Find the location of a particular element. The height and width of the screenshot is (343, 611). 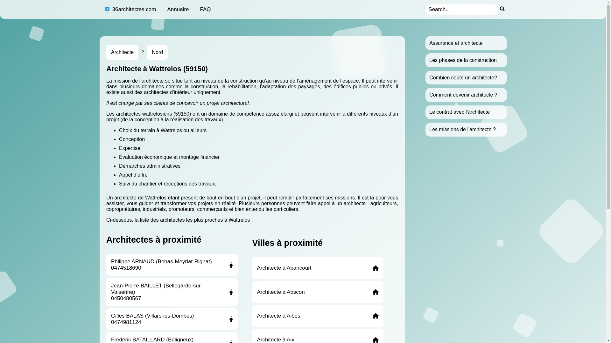

'Le contrat avec l'architecte' is located at coordinates (429, 111).